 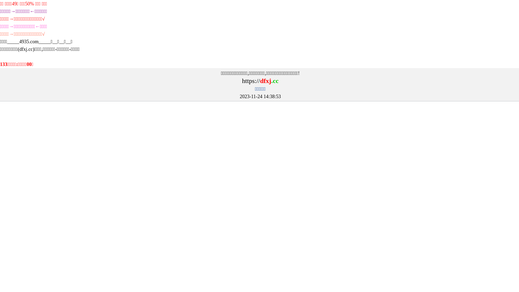 I want to click on 'https://dfxj.cc', so click(x=260, y=81).